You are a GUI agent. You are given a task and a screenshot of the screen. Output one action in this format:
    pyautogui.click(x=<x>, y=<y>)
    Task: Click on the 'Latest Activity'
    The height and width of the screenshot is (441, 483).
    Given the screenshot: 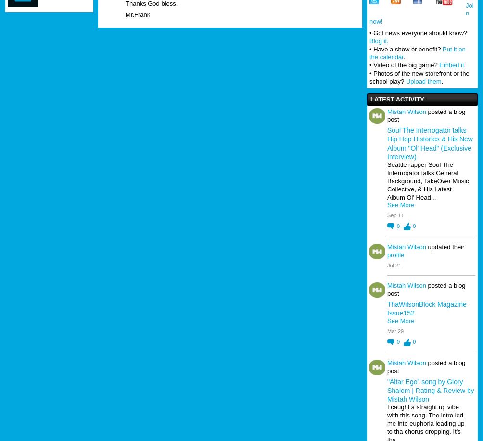 What is the action you would take?
    pyautogui.click(x=370, y=99)
    